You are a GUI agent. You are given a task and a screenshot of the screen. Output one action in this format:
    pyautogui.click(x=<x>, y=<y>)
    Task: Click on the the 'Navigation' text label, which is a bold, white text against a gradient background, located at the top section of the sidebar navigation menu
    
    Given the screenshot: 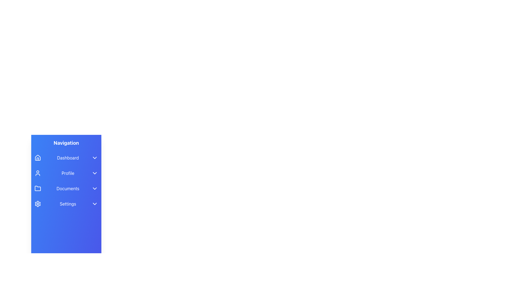 What is the action you would take?
    pyautogui.click(x=66, y=143)
    